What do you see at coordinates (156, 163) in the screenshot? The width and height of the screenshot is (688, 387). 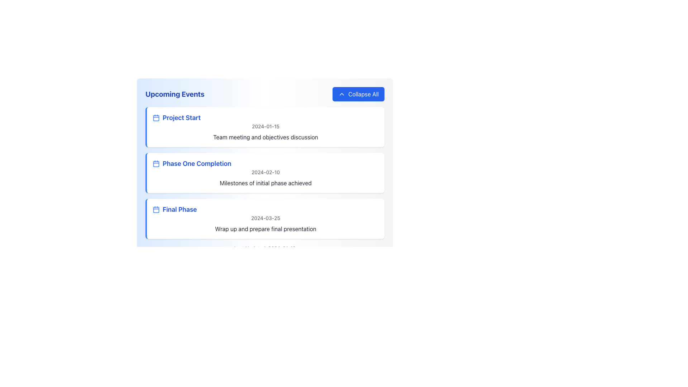 I see `the 'Phase One Completion' icon that serves as a visual indicator within the calendar-like graphic by moving the cursor to its center point` at bounding box center [156, 163].